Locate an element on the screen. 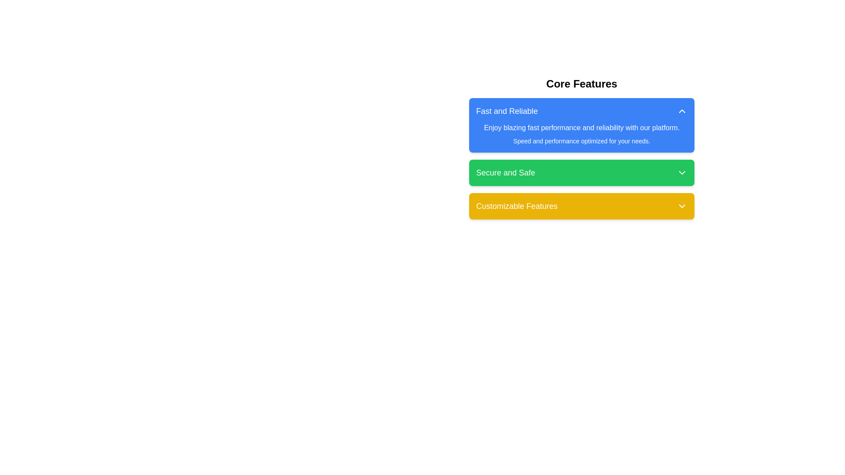 The width and height of the screenshot is (845, 475). the informational static text located in the blue section titled 'Fast and Reliable' is located at coordinates (581, 128).